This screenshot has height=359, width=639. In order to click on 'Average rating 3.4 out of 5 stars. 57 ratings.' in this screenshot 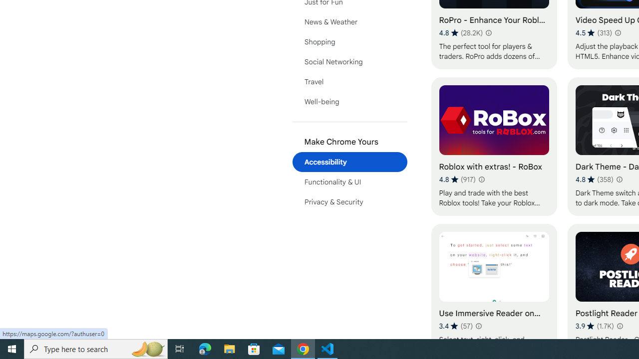, I will do `click(455, 326)`.